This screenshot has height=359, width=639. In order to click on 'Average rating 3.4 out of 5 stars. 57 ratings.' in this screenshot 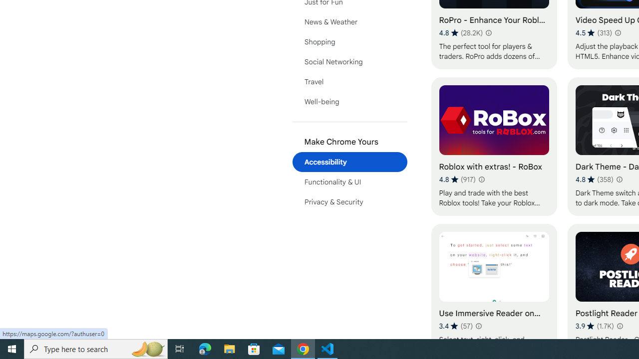, I will do `click(455, 326)`.